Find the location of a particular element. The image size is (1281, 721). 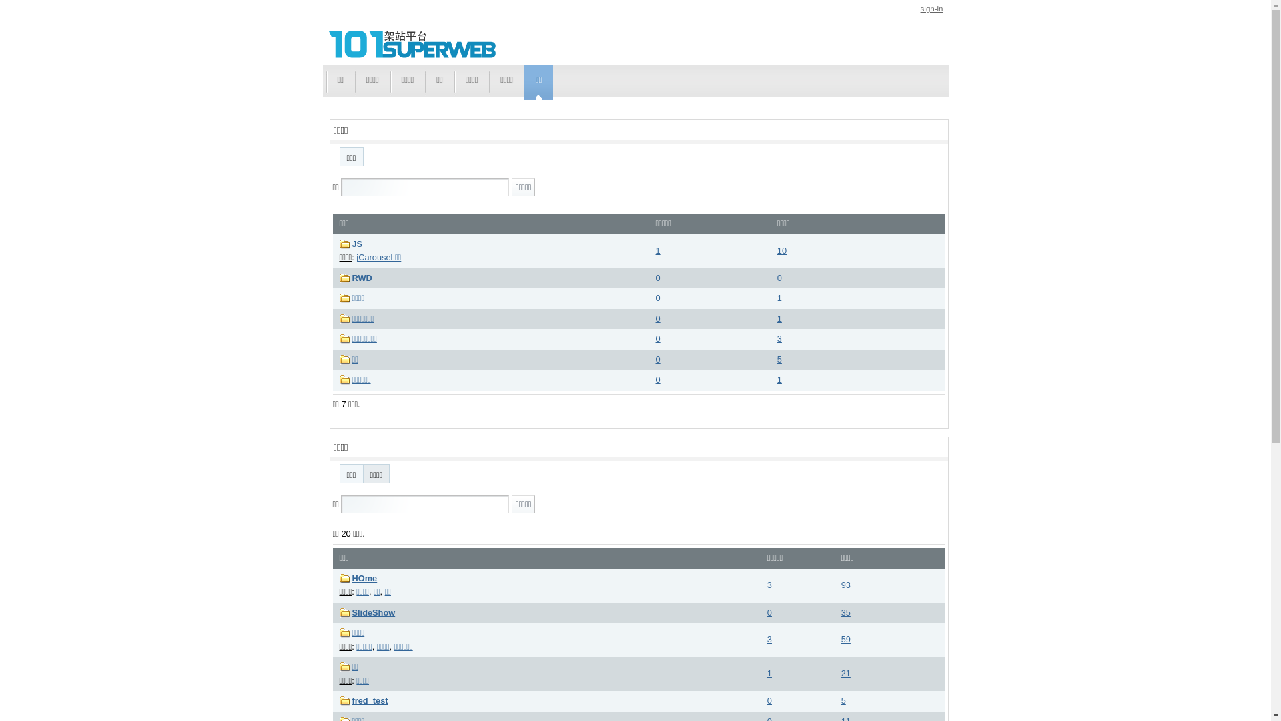

'JS' is located at coordinates (358, 244).